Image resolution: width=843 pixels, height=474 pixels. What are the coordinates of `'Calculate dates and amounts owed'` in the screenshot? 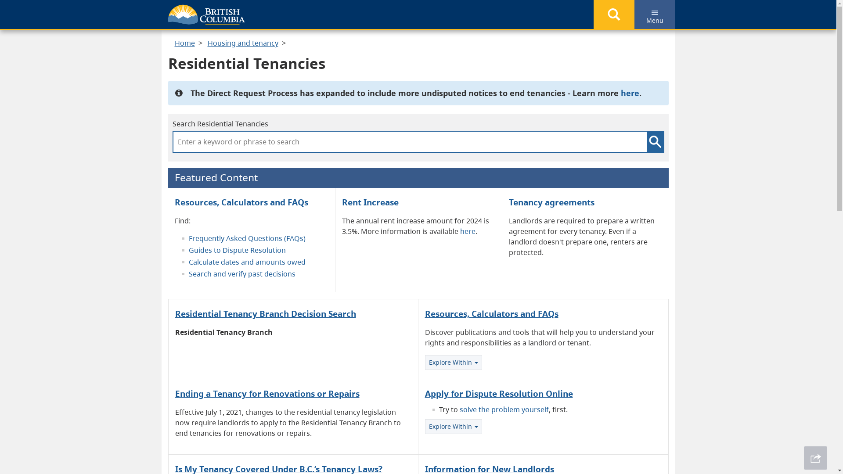 It's located at (246, 262).